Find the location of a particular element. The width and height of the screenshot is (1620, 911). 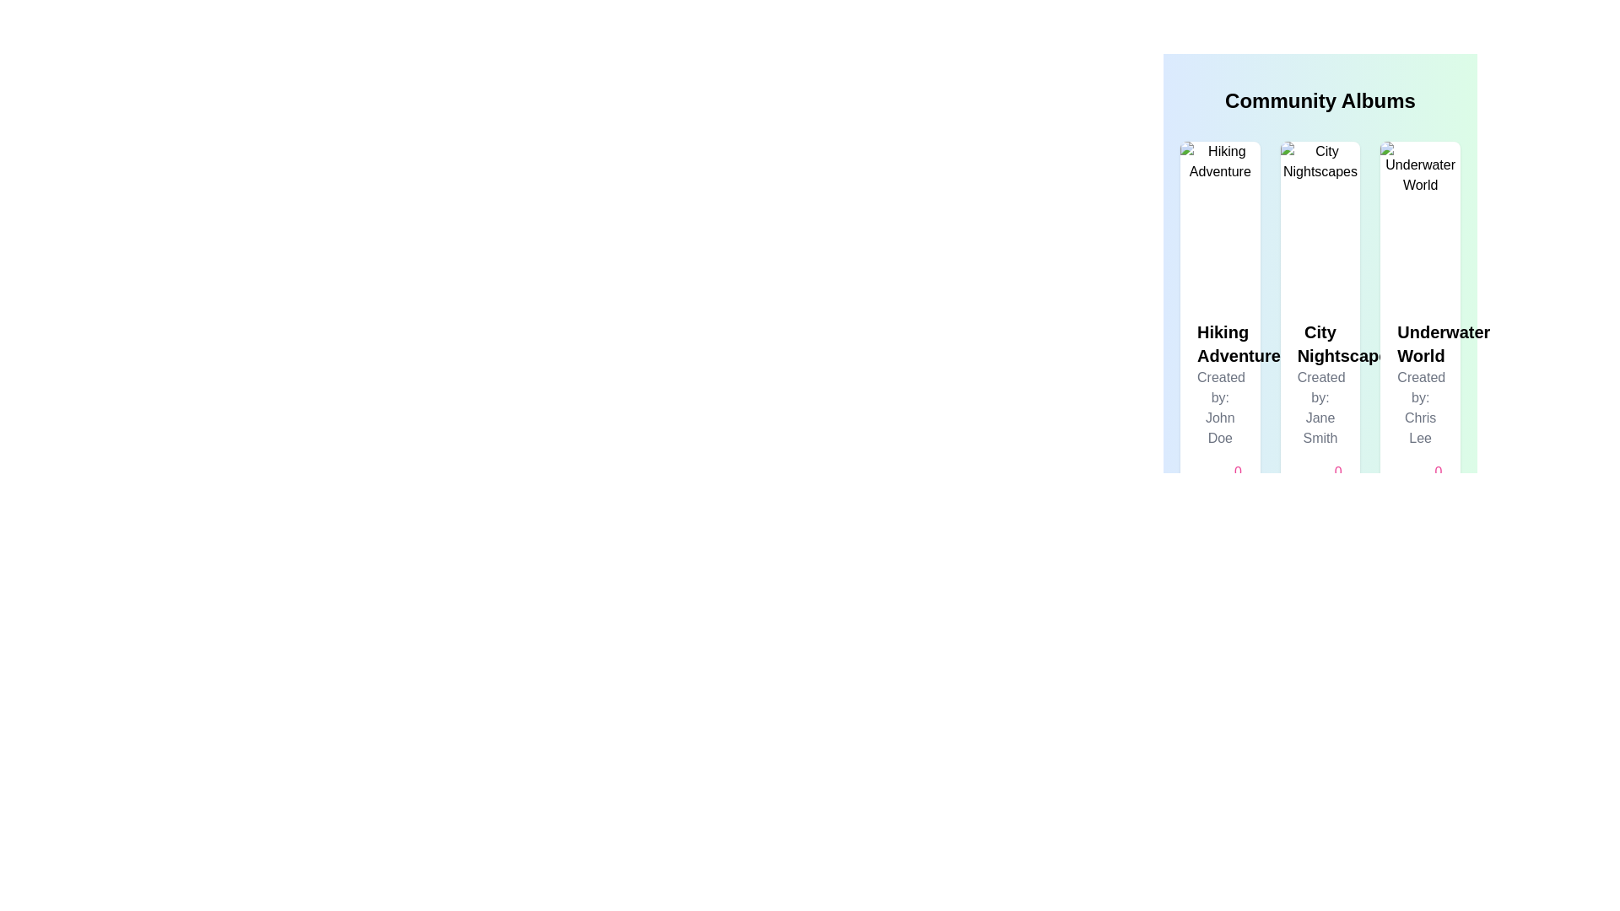

the Text label displaying creator's information for 'Hiking Adventure', located below the 'Hiking Adventure' label and above the '0 Likes Comments' section is located at coordinates (1220, 407).